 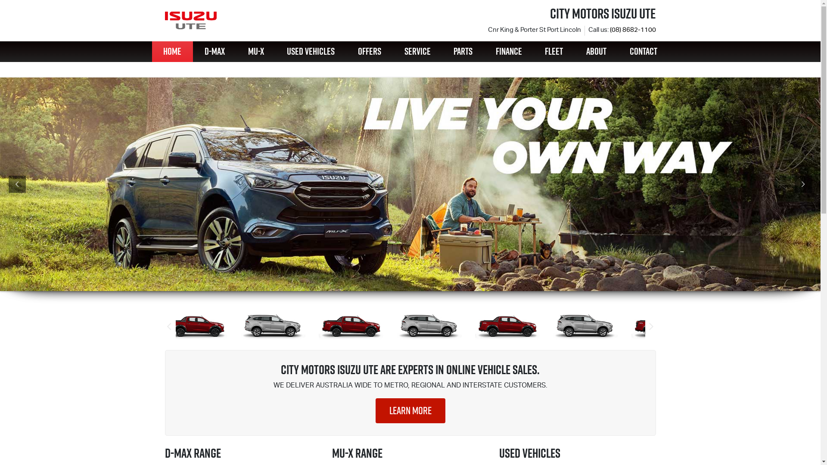 I want to click on 'D-MAX', so click(x=215, y=51).